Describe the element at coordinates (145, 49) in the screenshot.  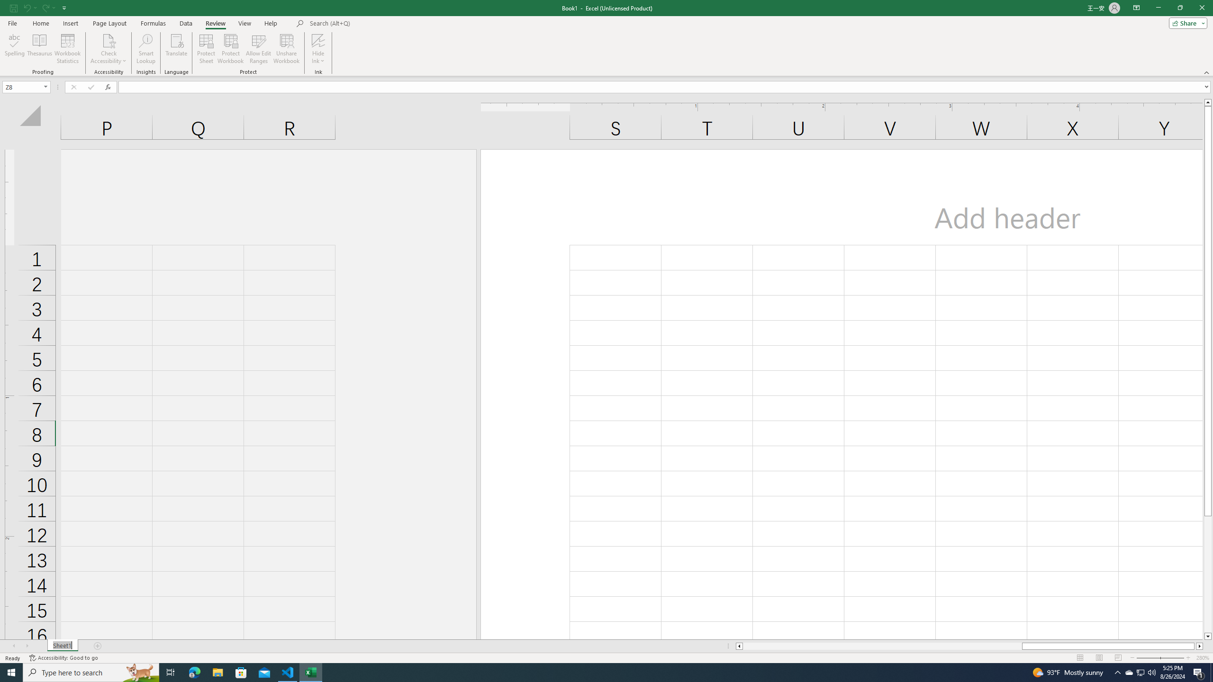
I see `'Smart Lookup'` at that location.